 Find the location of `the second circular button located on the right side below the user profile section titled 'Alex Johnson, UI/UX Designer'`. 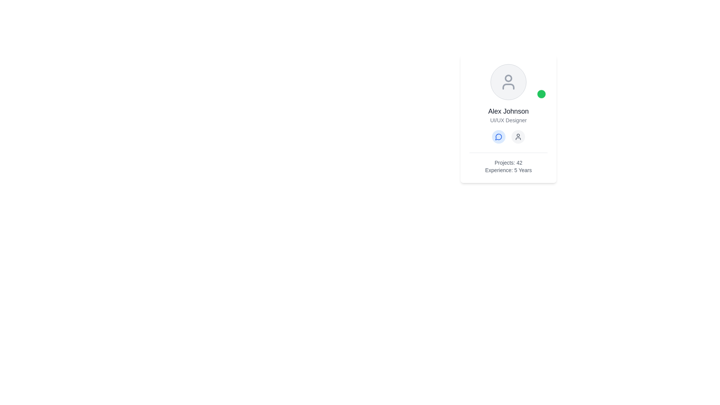

the second circular button located on the right side below the user profile section titled 'Alex Johnson, UI/UX Designer' is located at coordinates (518, 137).